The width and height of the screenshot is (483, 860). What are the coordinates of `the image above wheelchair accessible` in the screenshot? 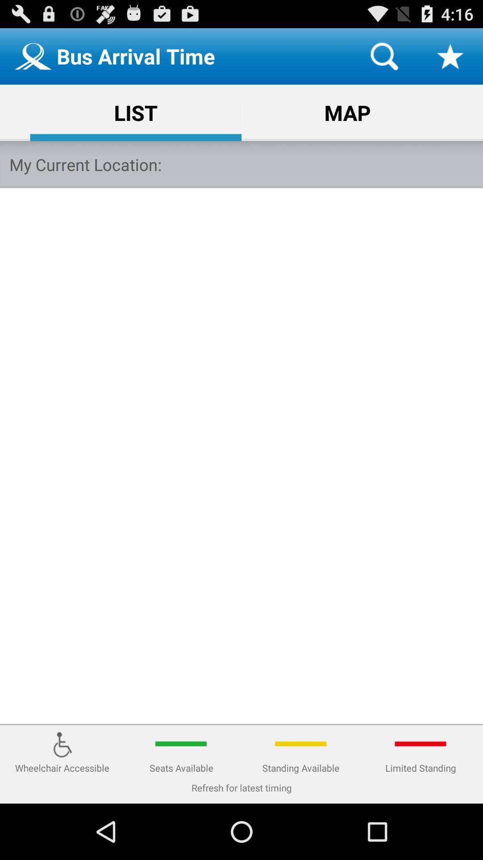 It's located at (61, 744).